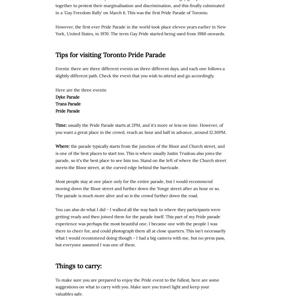 Image resolution: width=282 pixels, height=307 pixels. I want to click on 'Trans Parade', so click(68, 104).